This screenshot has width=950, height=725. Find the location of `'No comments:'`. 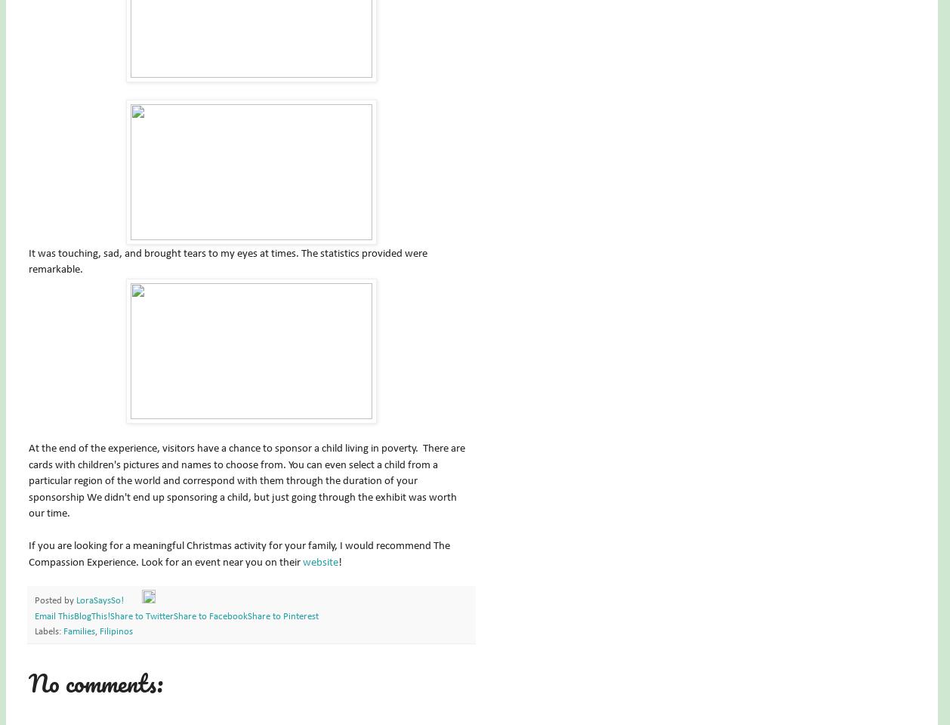

'No comments:' is located at coordinates (96, 682).